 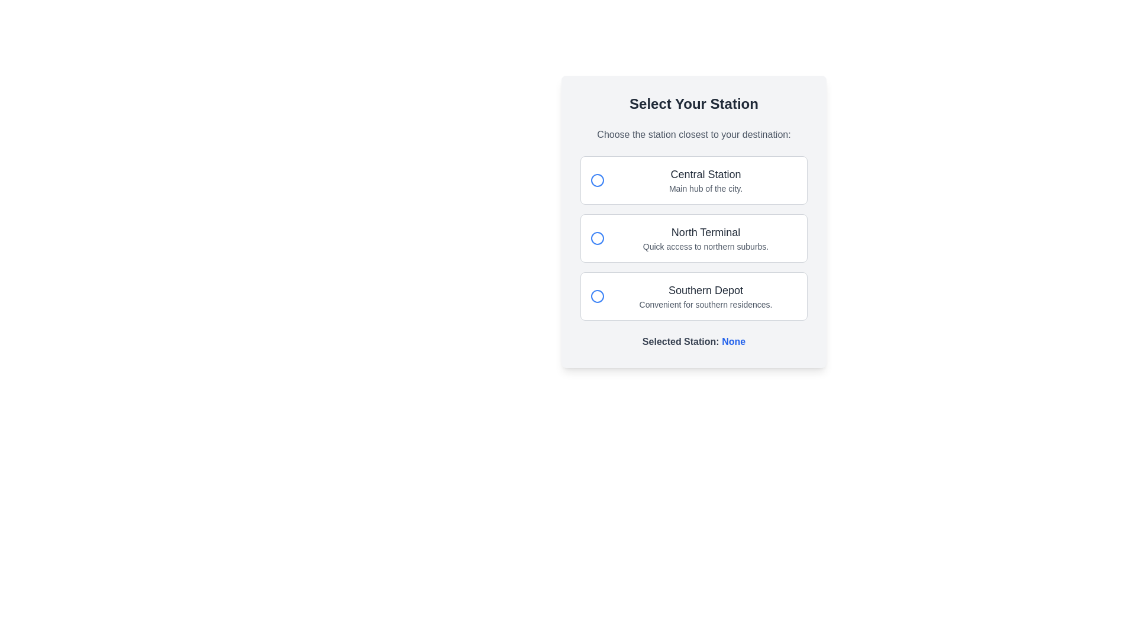 I want to click on the blue circular outline radio button, so click(x=597, y=296).